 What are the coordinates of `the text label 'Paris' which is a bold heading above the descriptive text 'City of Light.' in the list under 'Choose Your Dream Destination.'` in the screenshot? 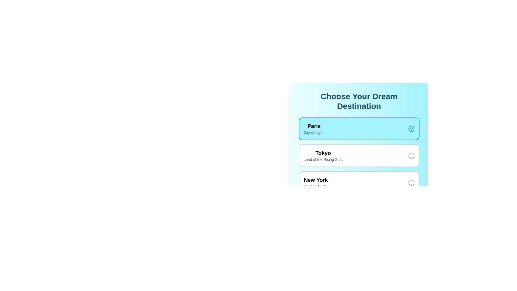 It's located at (314, 126).